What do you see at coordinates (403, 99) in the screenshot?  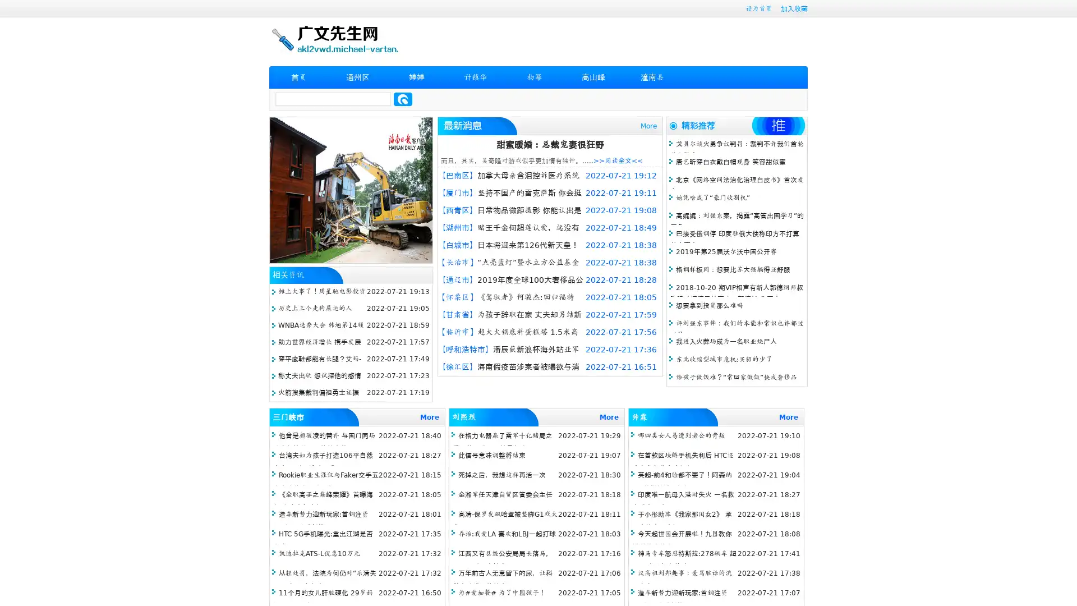 I see `Search` at bounding box center [403, 99].